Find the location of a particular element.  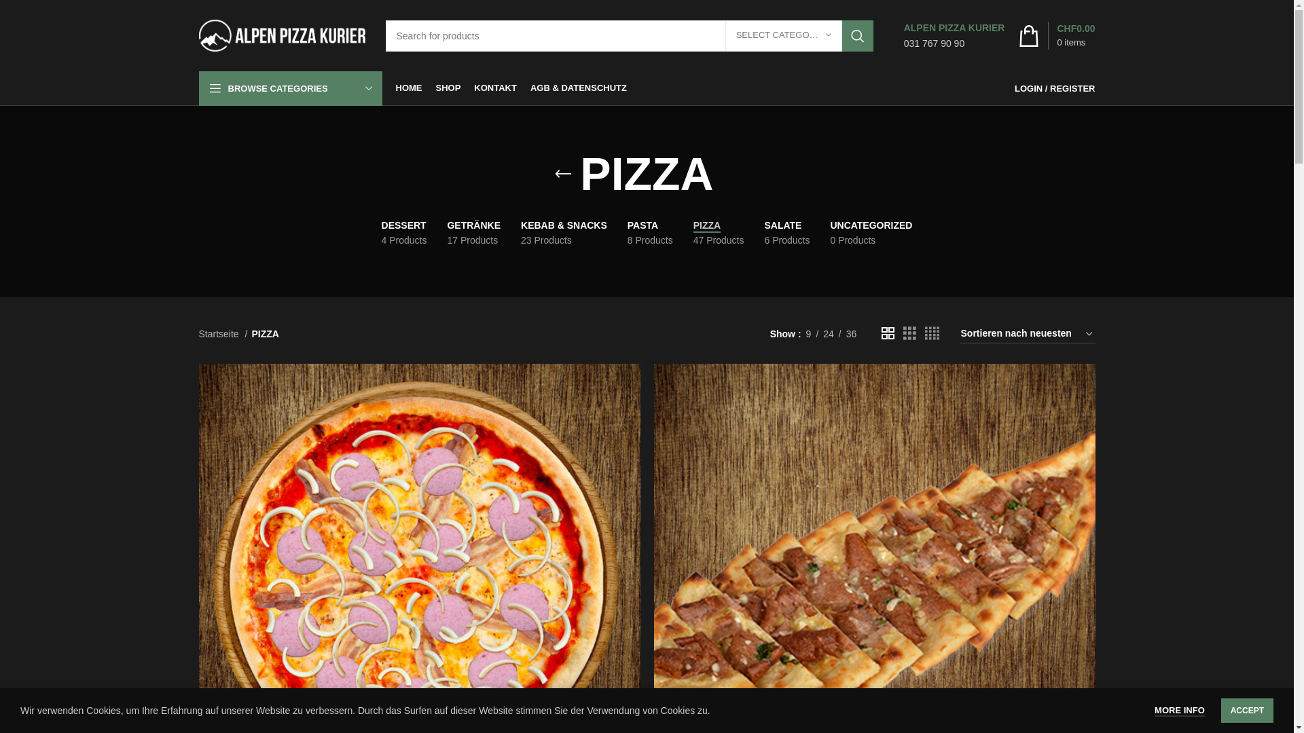

'SALATE is located at coordinates (786, 232).